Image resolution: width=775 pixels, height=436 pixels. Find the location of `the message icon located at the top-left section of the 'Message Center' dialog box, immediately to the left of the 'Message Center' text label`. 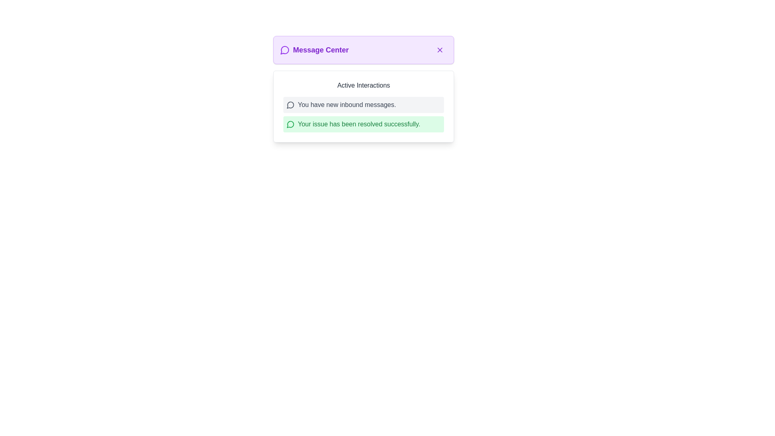

the message icon located at the top-left section of the 'Message Center' dialog box, immediately to the left of the 'Message Center' text label is located at coordinates (285, 50).